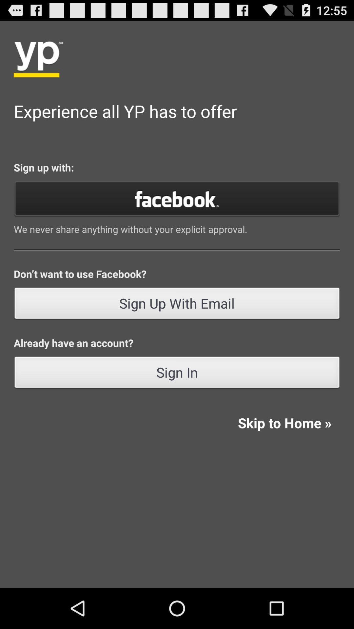 The width and height of the screenshot is (354, 629). Describe the element at coordinates (177, 198) in the screenshot. I see `the item below the sign up with:` at that location.